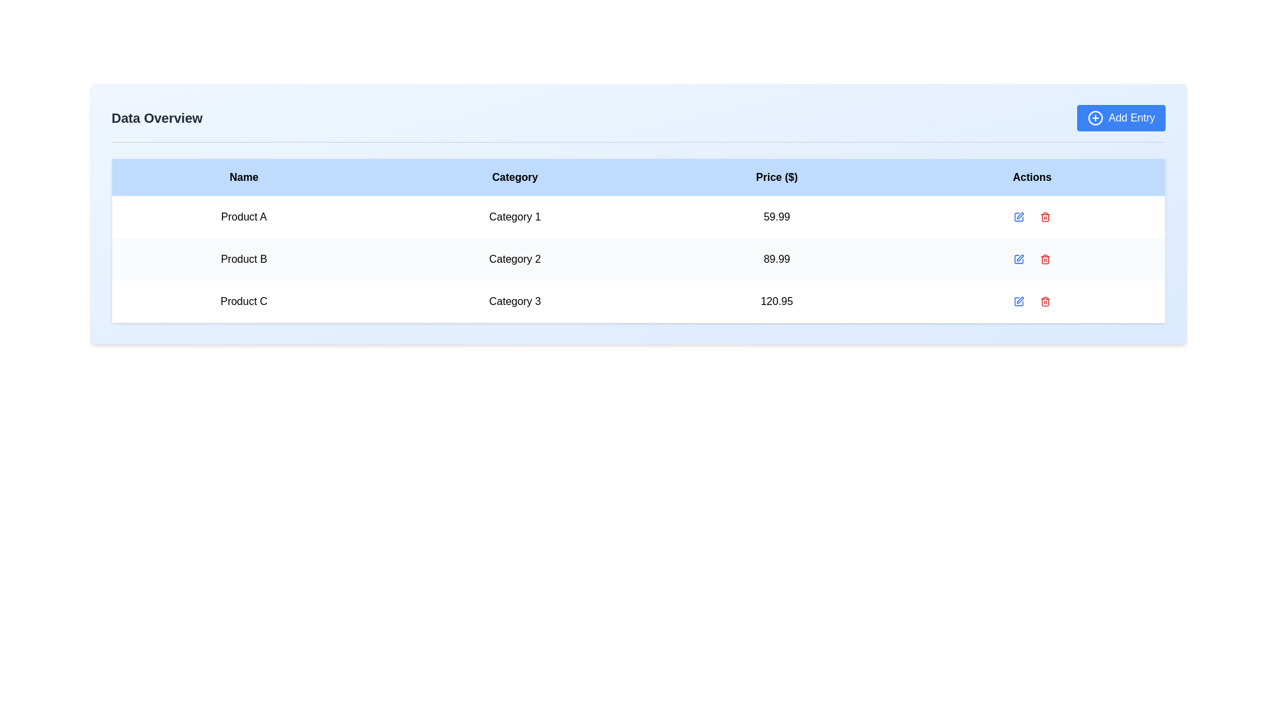 The height and width of the screenshot is (713, 1268). What do you see at coordinates (1045, 301) in the screenshot?
I see `the delete button located in the last row of the data table within the 'Actions' column` at bounding box center [1045, 301].